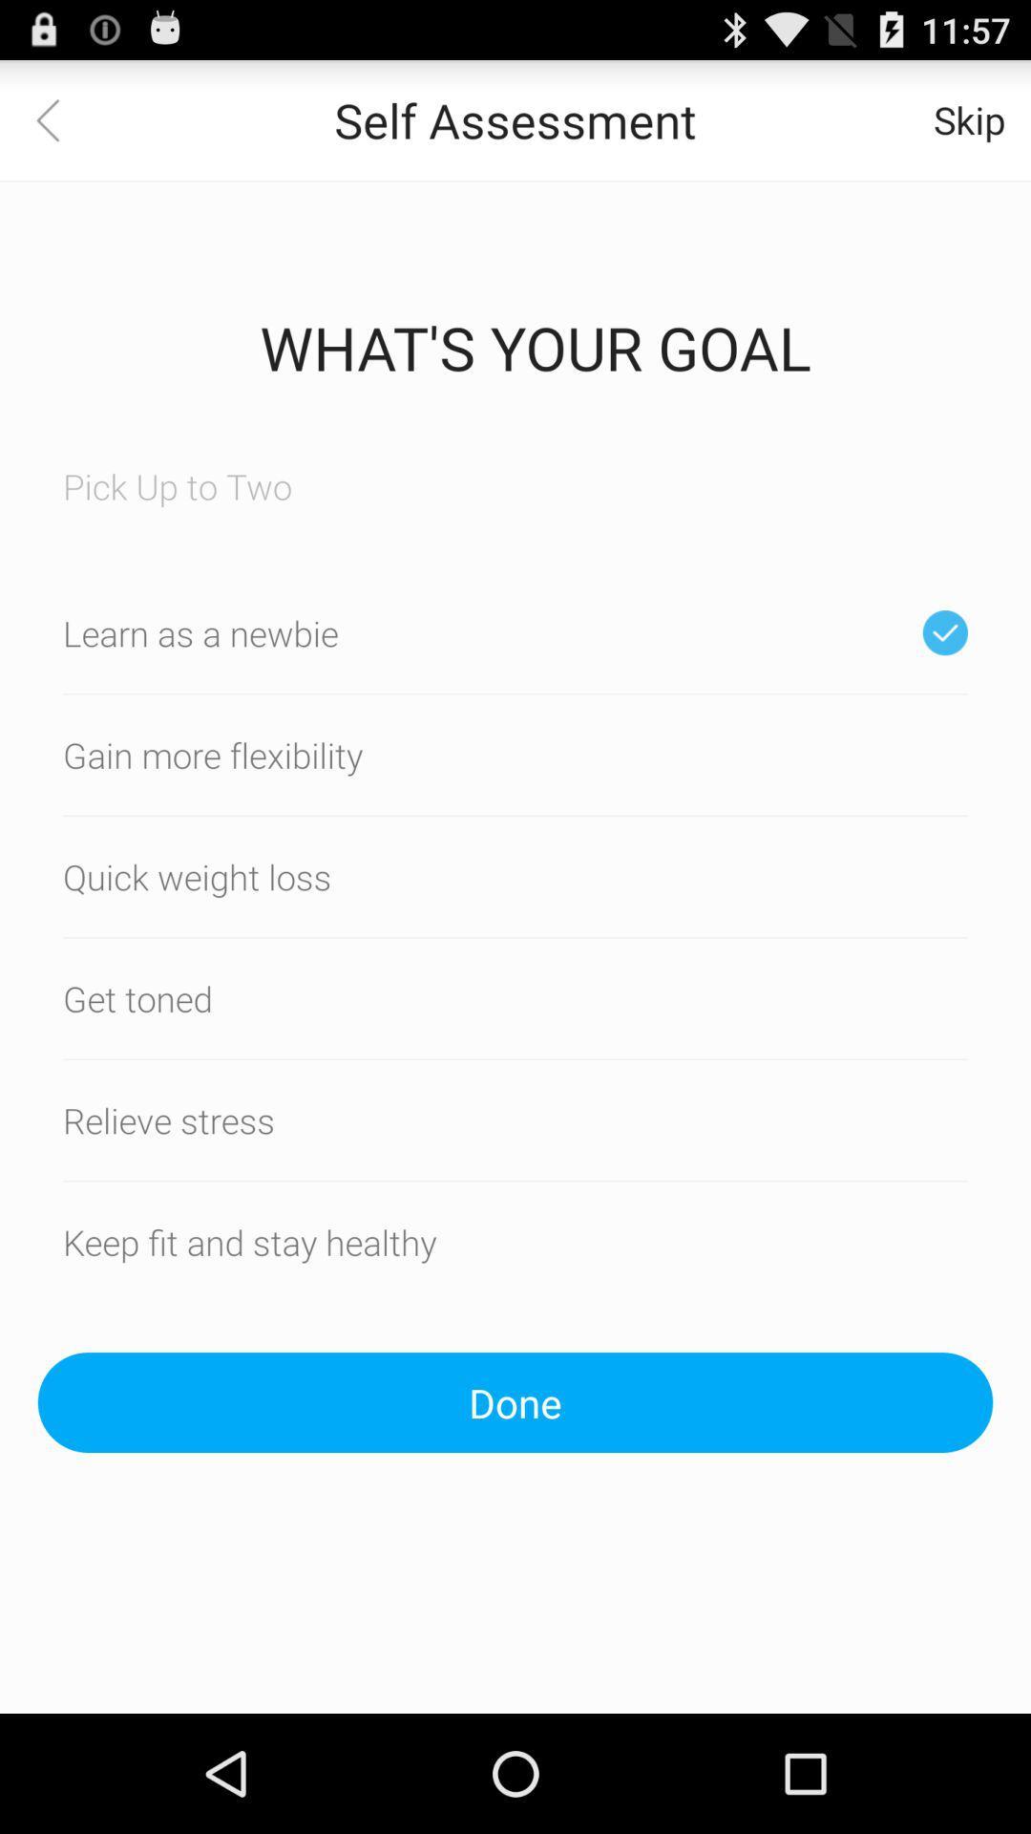  Describe the element at coordinates (969, 118) in the screenshot. I see `the icon at the top right corner` at that location.